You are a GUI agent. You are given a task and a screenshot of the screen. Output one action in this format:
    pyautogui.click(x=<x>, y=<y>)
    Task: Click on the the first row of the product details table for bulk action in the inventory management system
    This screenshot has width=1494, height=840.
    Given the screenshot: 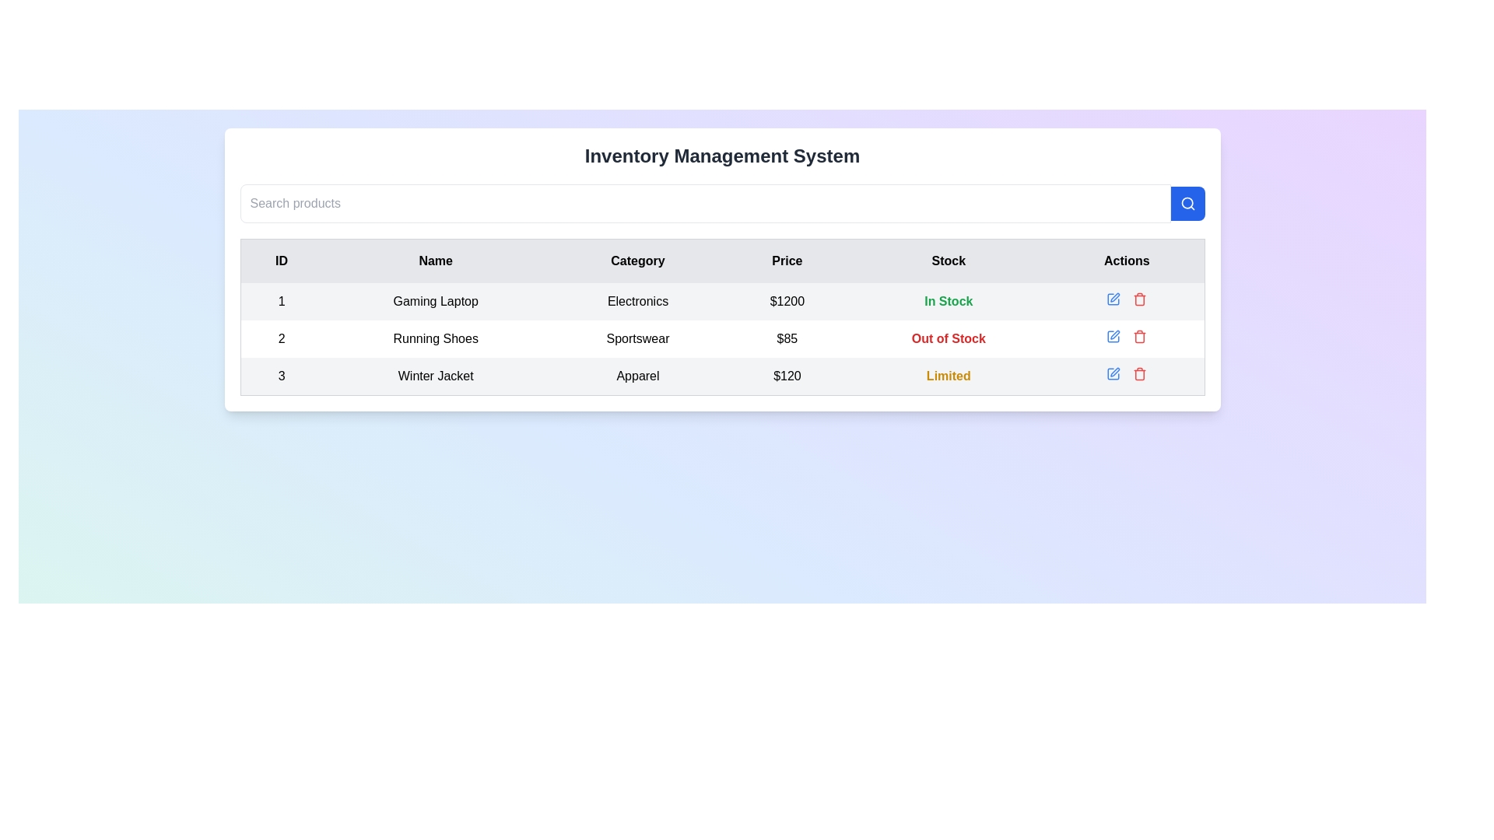 What is the action you would take?
    pyautogui.click(x=721, y=302)
    